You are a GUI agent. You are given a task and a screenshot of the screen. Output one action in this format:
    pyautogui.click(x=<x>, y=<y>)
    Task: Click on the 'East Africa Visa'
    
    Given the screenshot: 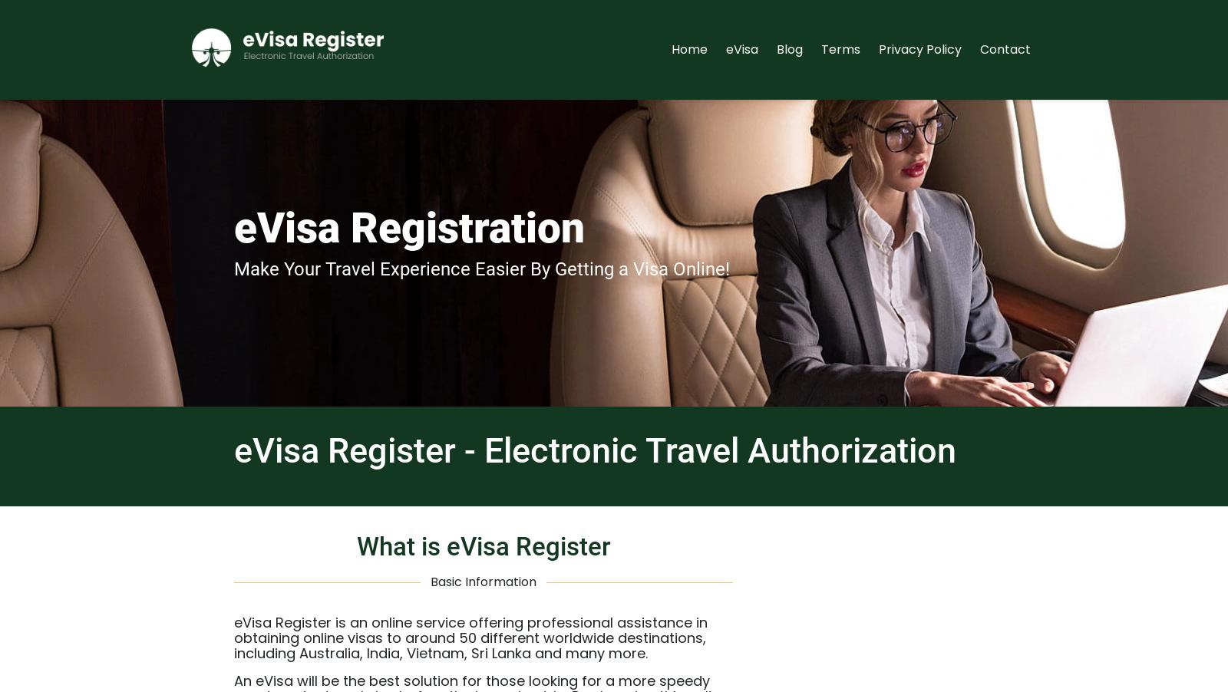 What is the action you would take?
    pyautogui.click(x=532, y=407)
    